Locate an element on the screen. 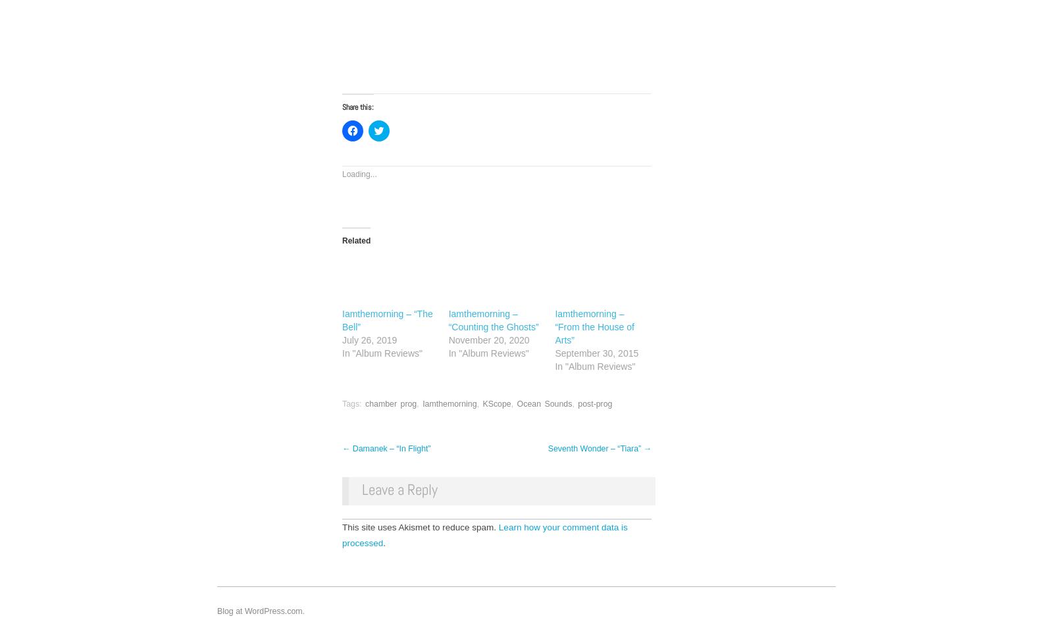  '.' is located at coordinates (384, 542).